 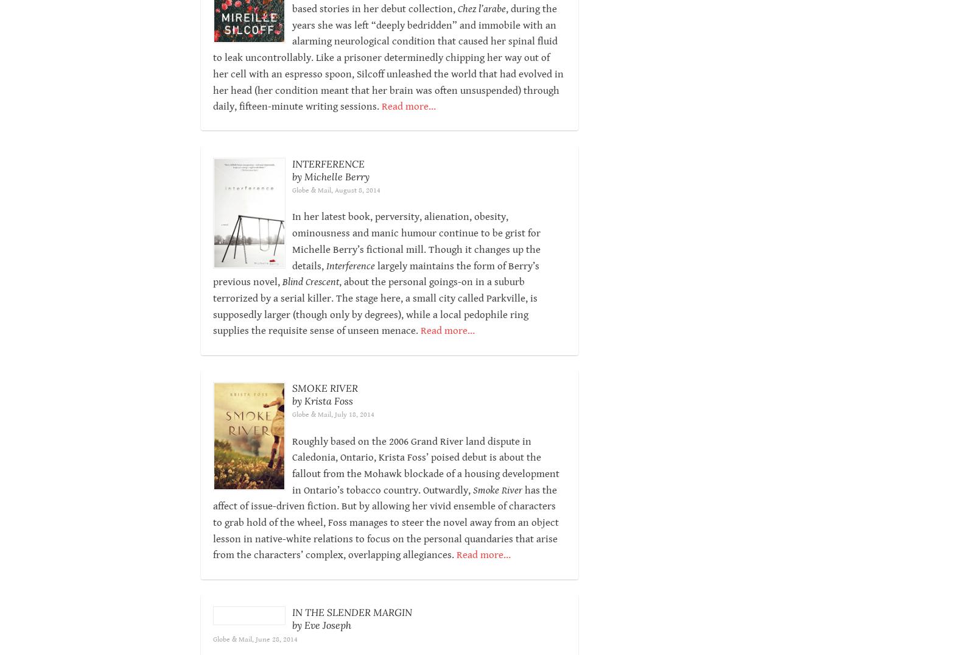 I want to click on 'by Krista Foss', so click(x=321, y=417).